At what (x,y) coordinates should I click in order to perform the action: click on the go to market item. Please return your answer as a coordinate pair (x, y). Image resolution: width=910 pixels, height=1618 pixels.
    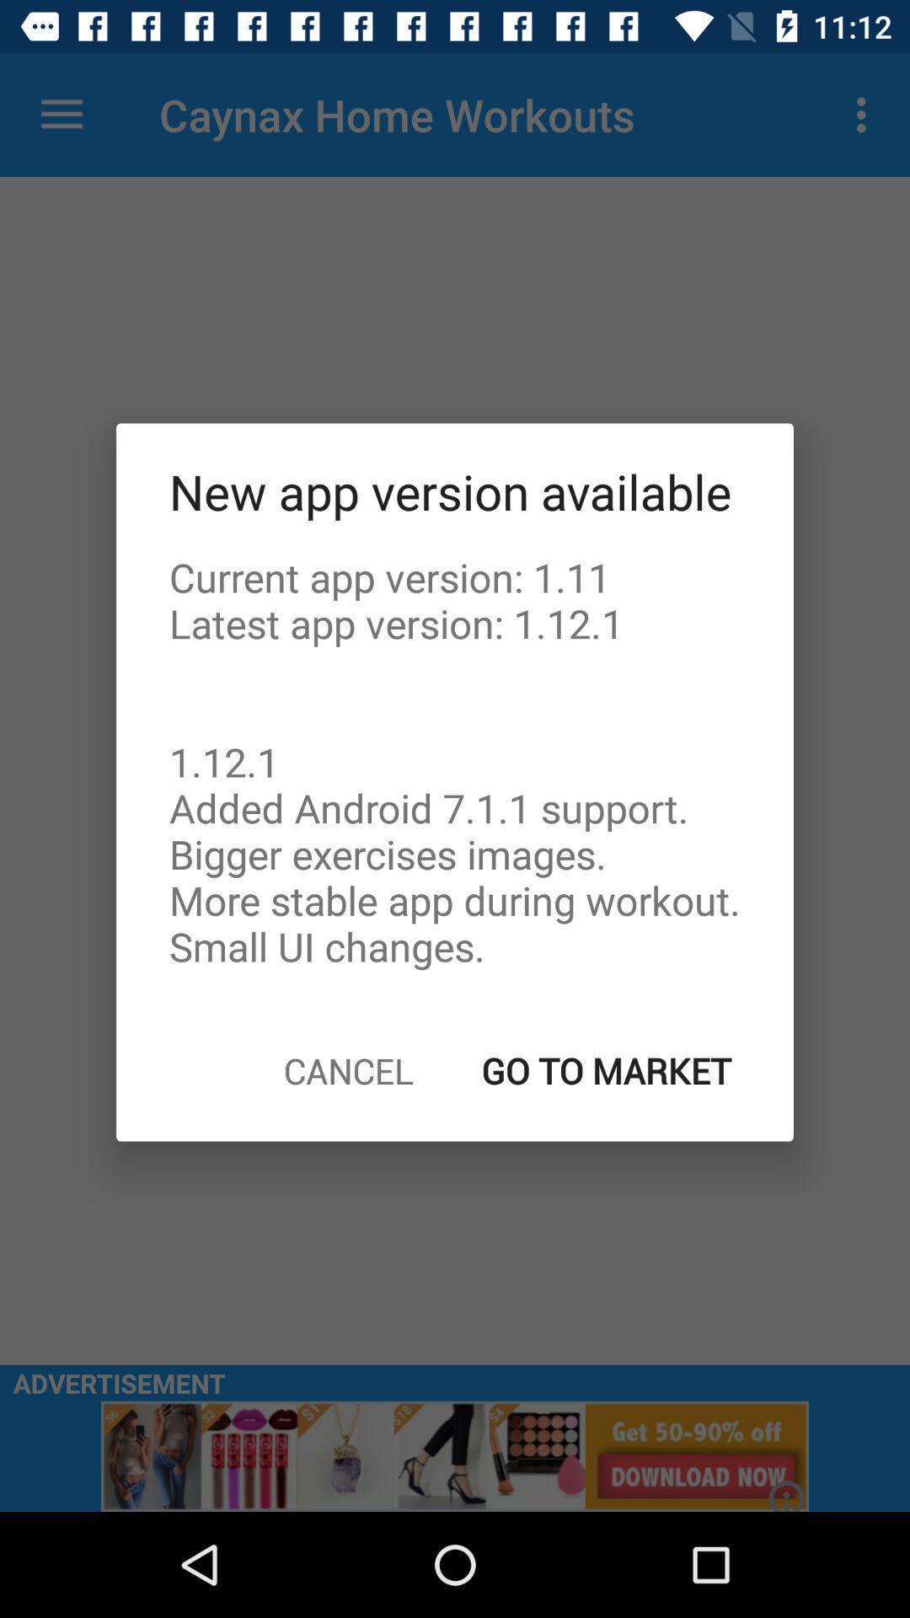
    Looking at the image, I should click on (607, 1069).